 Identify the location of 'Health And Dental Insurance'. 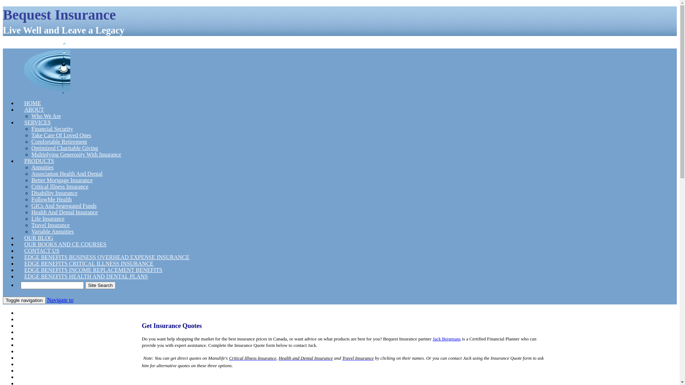
(31, 212).